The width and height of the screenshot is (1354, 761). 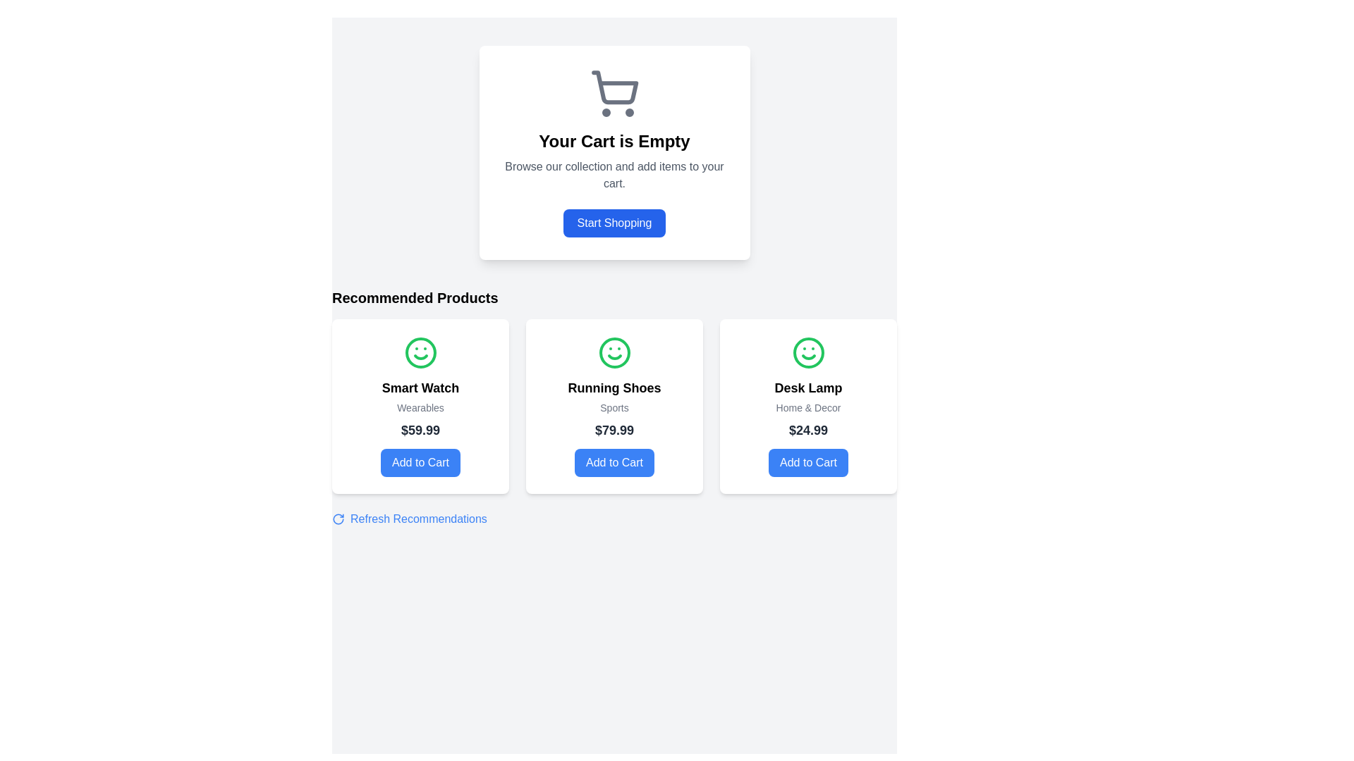 I want to click on the static text label displaying the price of 'Running Shoes', which is located at the center of the product card under 'Recommended Products', so click(x=614, y=429).